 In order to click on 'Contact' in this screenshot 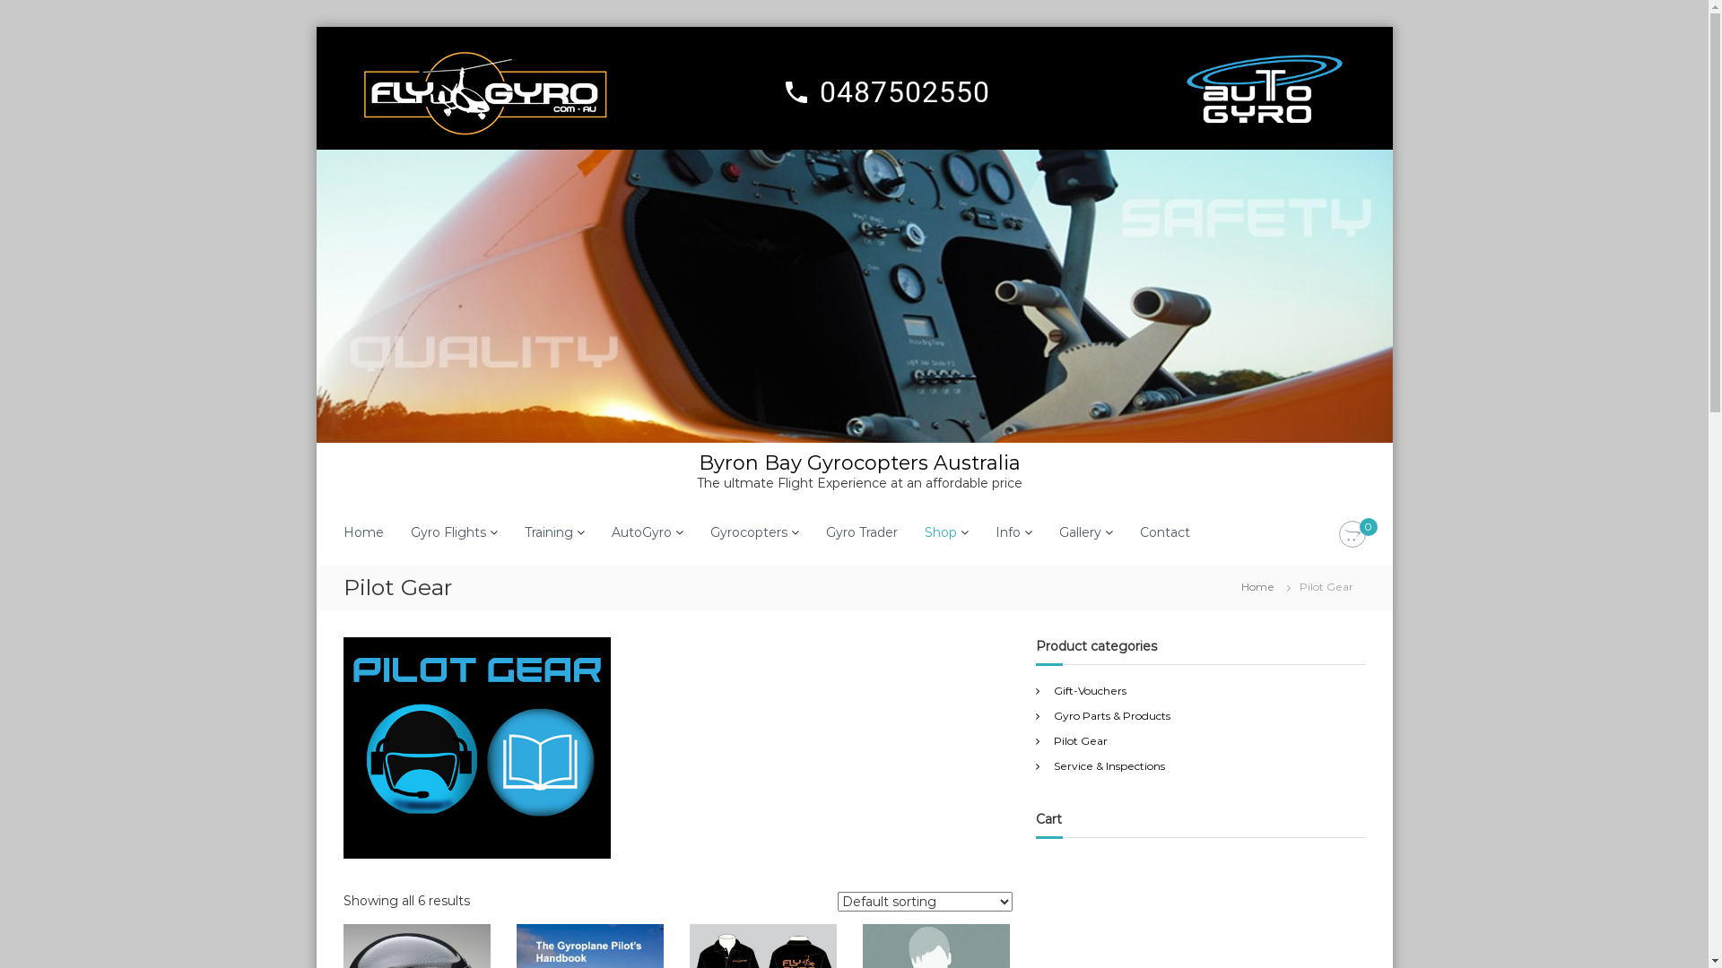, I will do `click(1163, 532)`.